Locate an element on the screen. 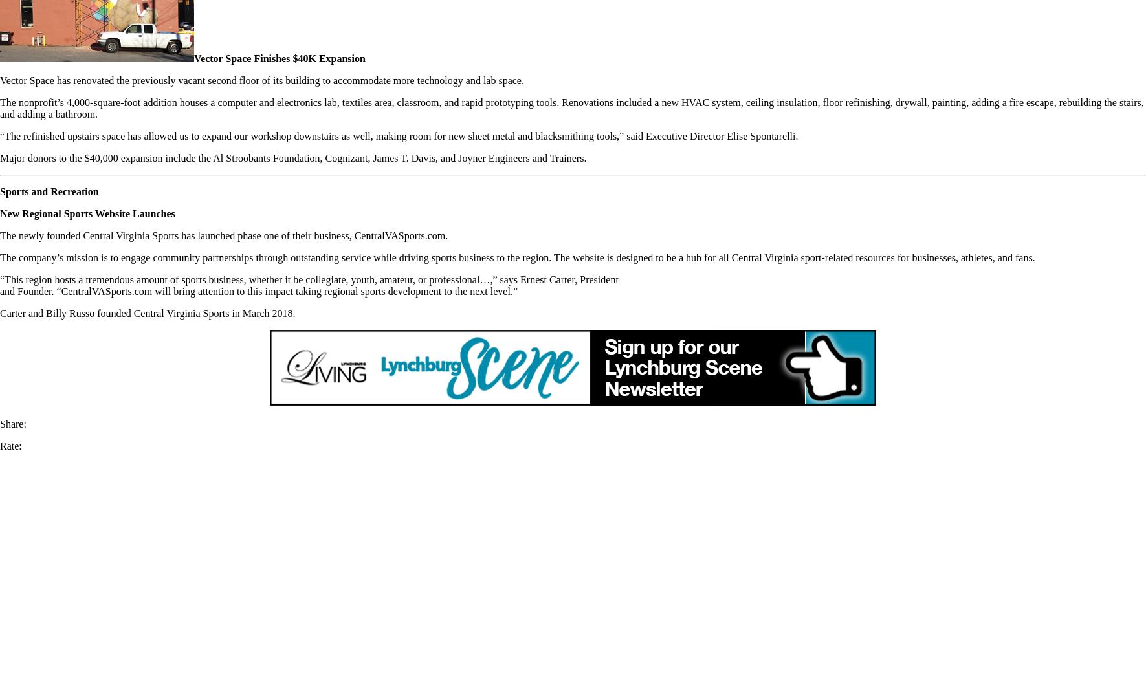 Image resolution: width=1146 pixels, height=689 pixels. 'The nonprofit’s 4,000-square-foot addition houses a computer and electronics lab, textiles area, classroom, and rapid prototyping tools. Renovations included a new HVAC system, ceiling insulation, floor refinishing, drywall, painting, adding a fire escape, rebuilding the stairs, and adding a bathroom.' is located at coordinates (571, 107).